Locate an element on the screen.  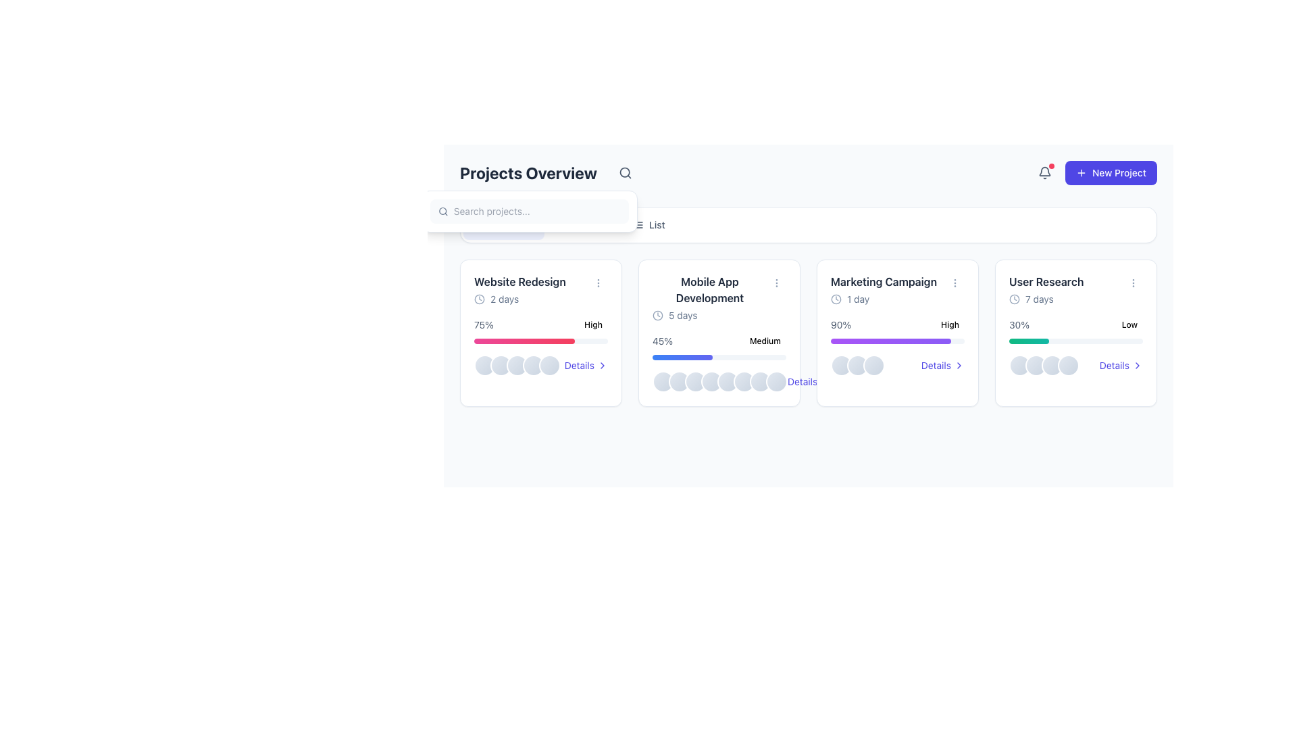
the hyperlink with accompanying icon located at the bottom-right corner of the second card in the horizontal list is located at coordinates (809, 381).